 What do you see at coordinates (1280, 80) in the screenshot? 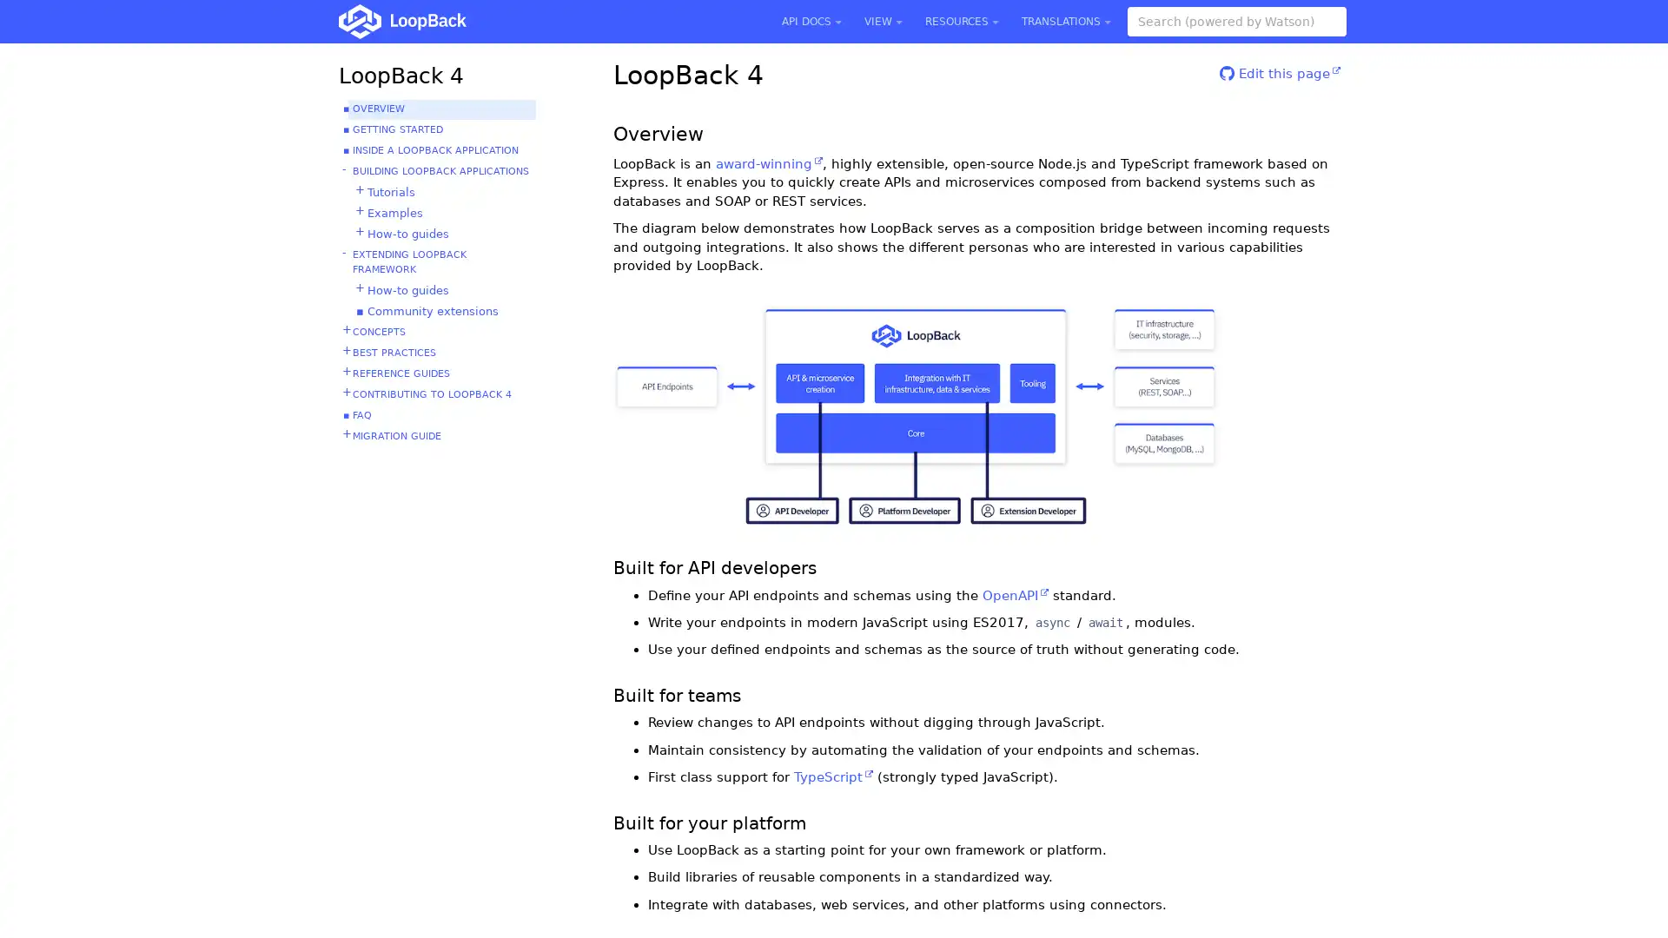
I see `Edit this page` at bounding box center [1280, 80].